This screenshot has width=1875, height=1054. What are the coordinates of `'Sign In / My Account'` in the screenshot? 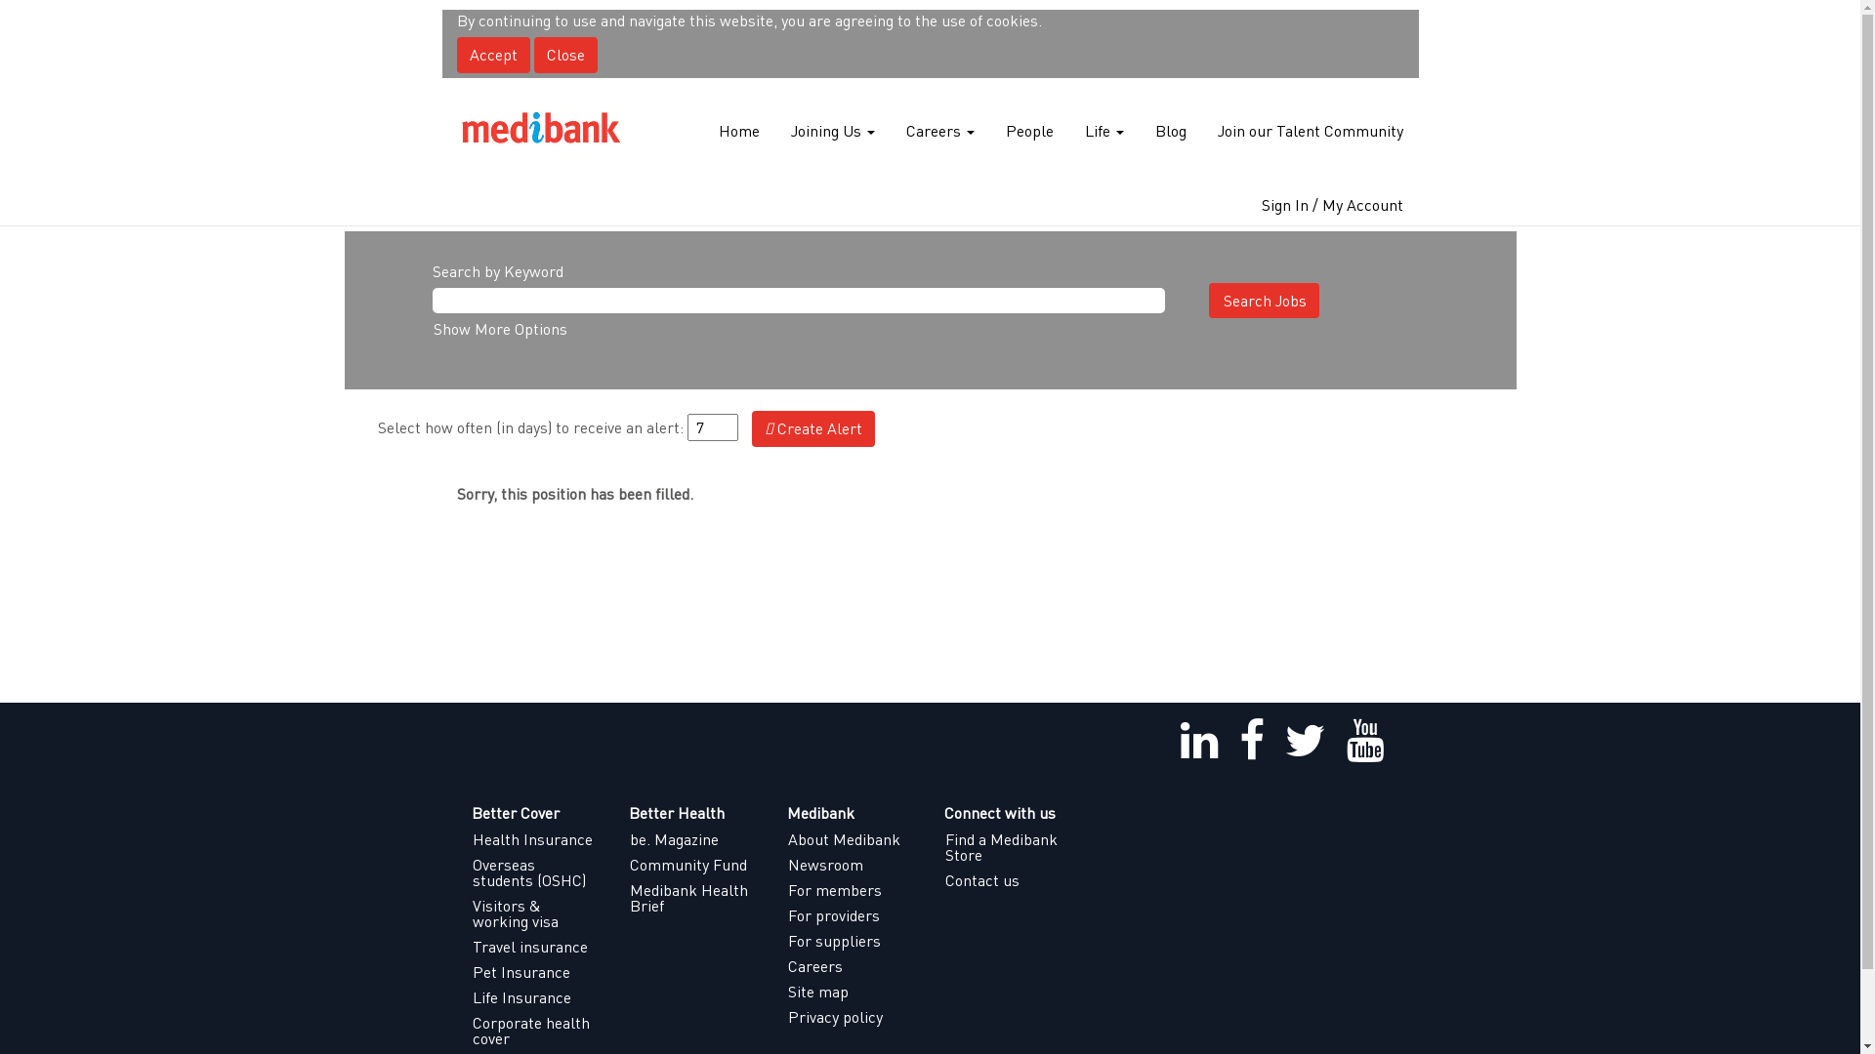 It's located at (1330, 204).